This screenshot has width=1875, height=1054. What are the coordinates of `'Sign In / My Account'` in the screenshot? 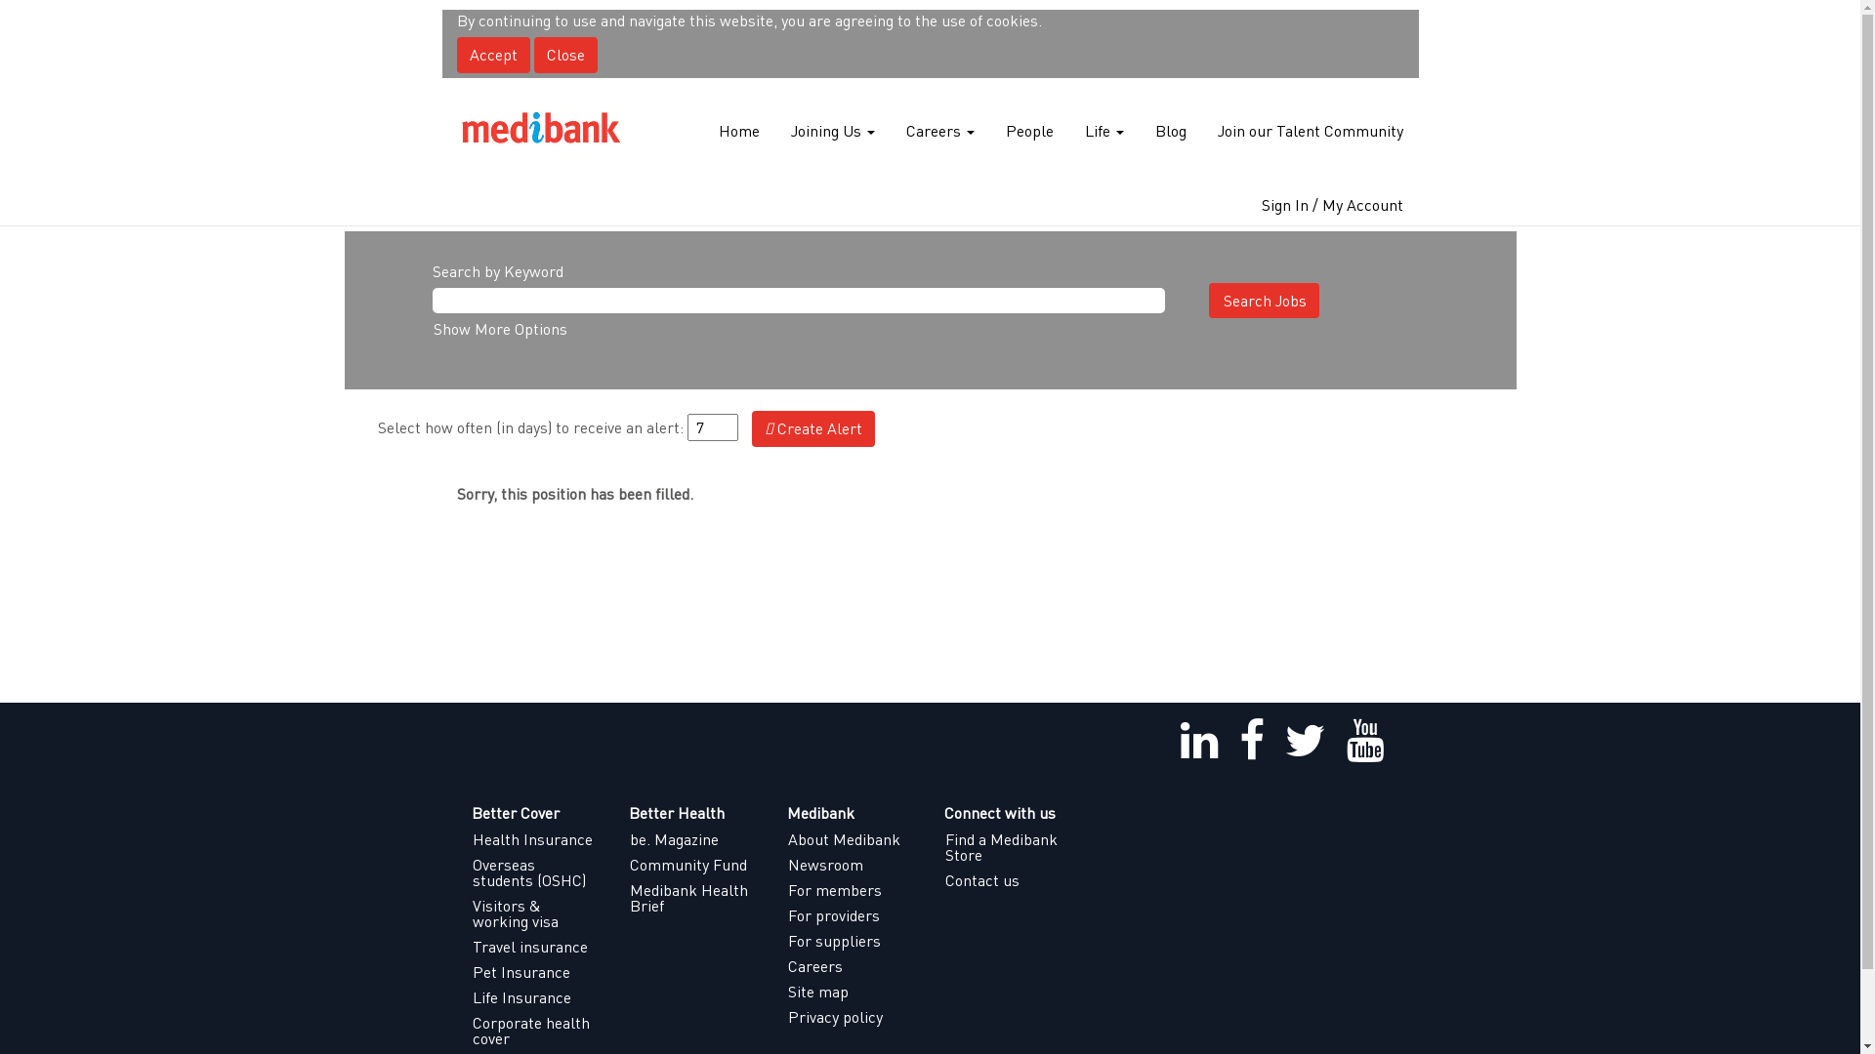 It's located at (1330, 204).